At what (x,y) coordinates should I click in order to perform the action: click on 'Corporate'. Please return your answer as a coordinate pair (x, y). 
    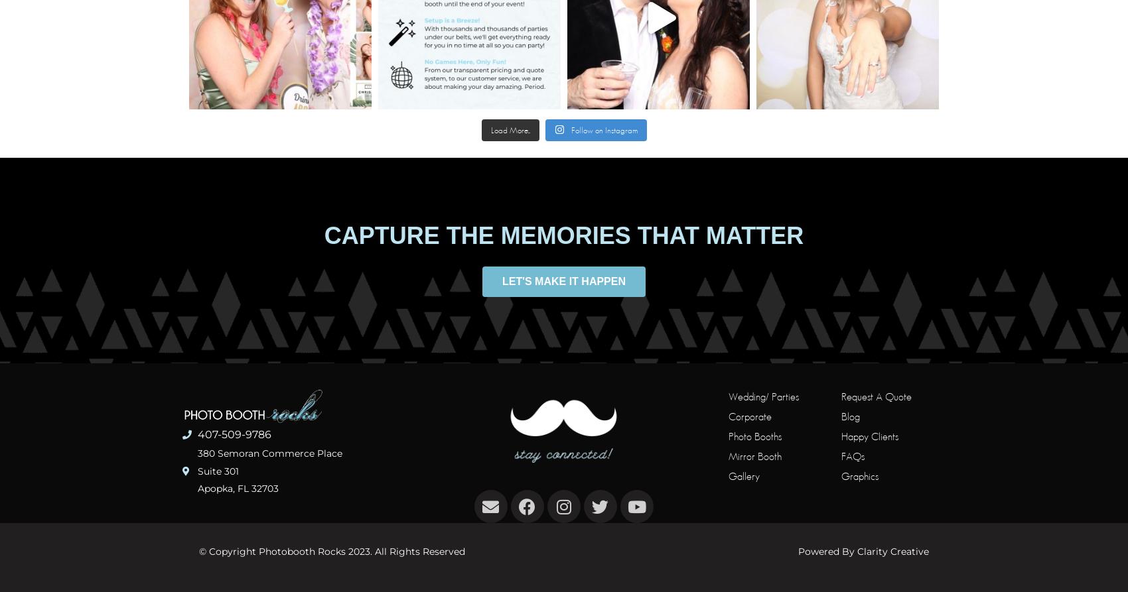
    Looking at the image, I should click on (749, 416).